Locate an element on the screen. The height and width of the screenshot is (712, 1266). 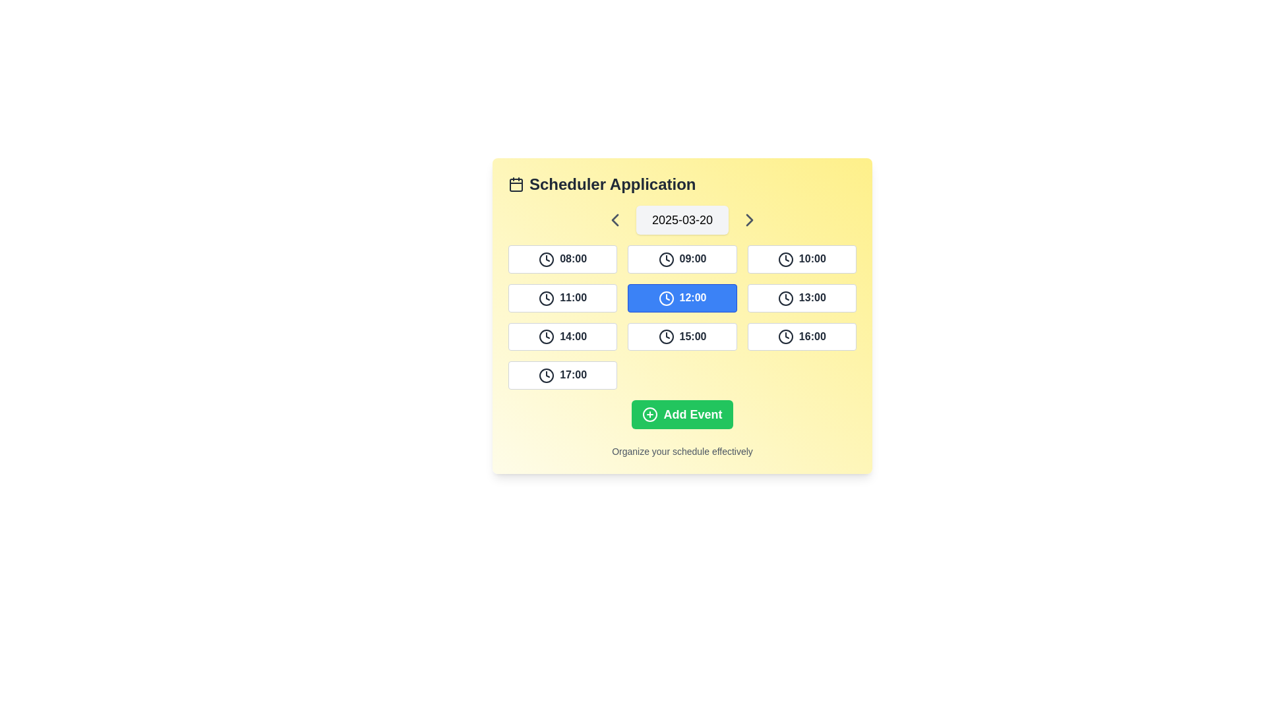
the 12:00 time slot button in the scheduler application is located at coordinates (682, 298).